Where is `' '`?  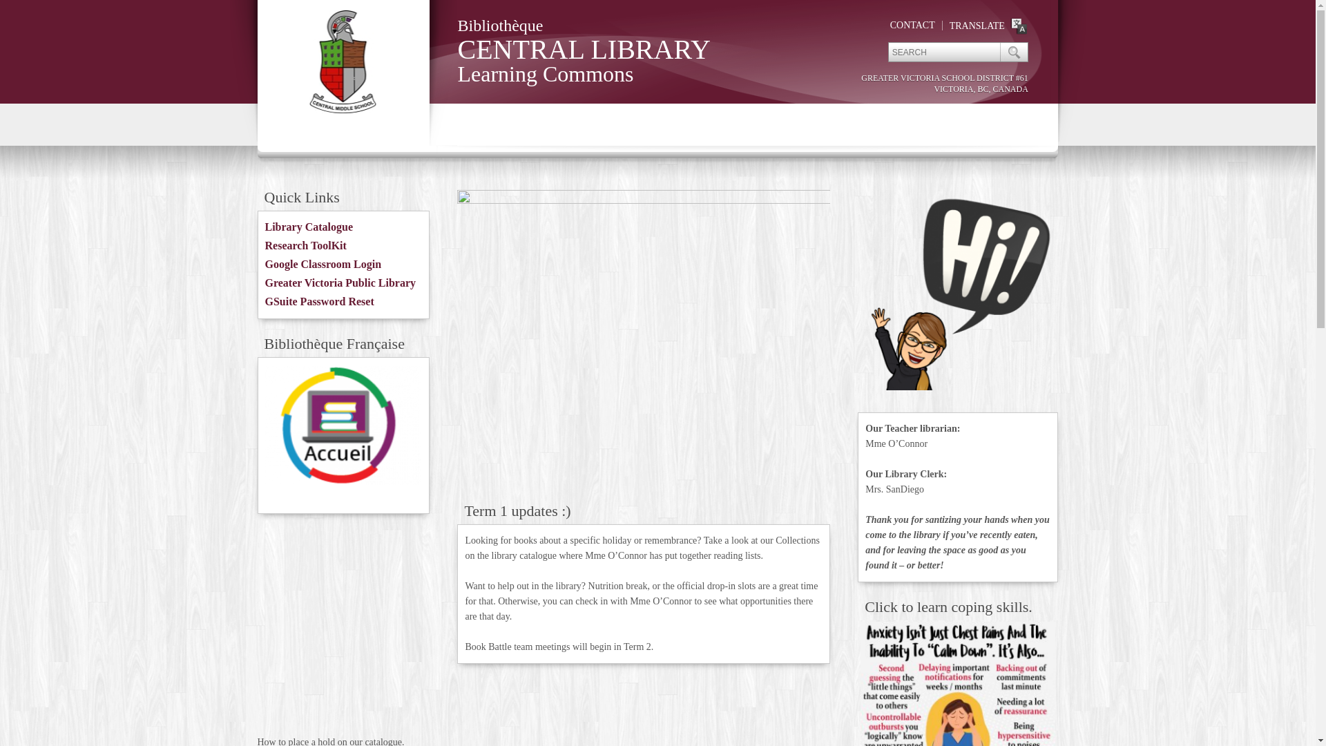
' ' is located at coordinates (1013, 51).